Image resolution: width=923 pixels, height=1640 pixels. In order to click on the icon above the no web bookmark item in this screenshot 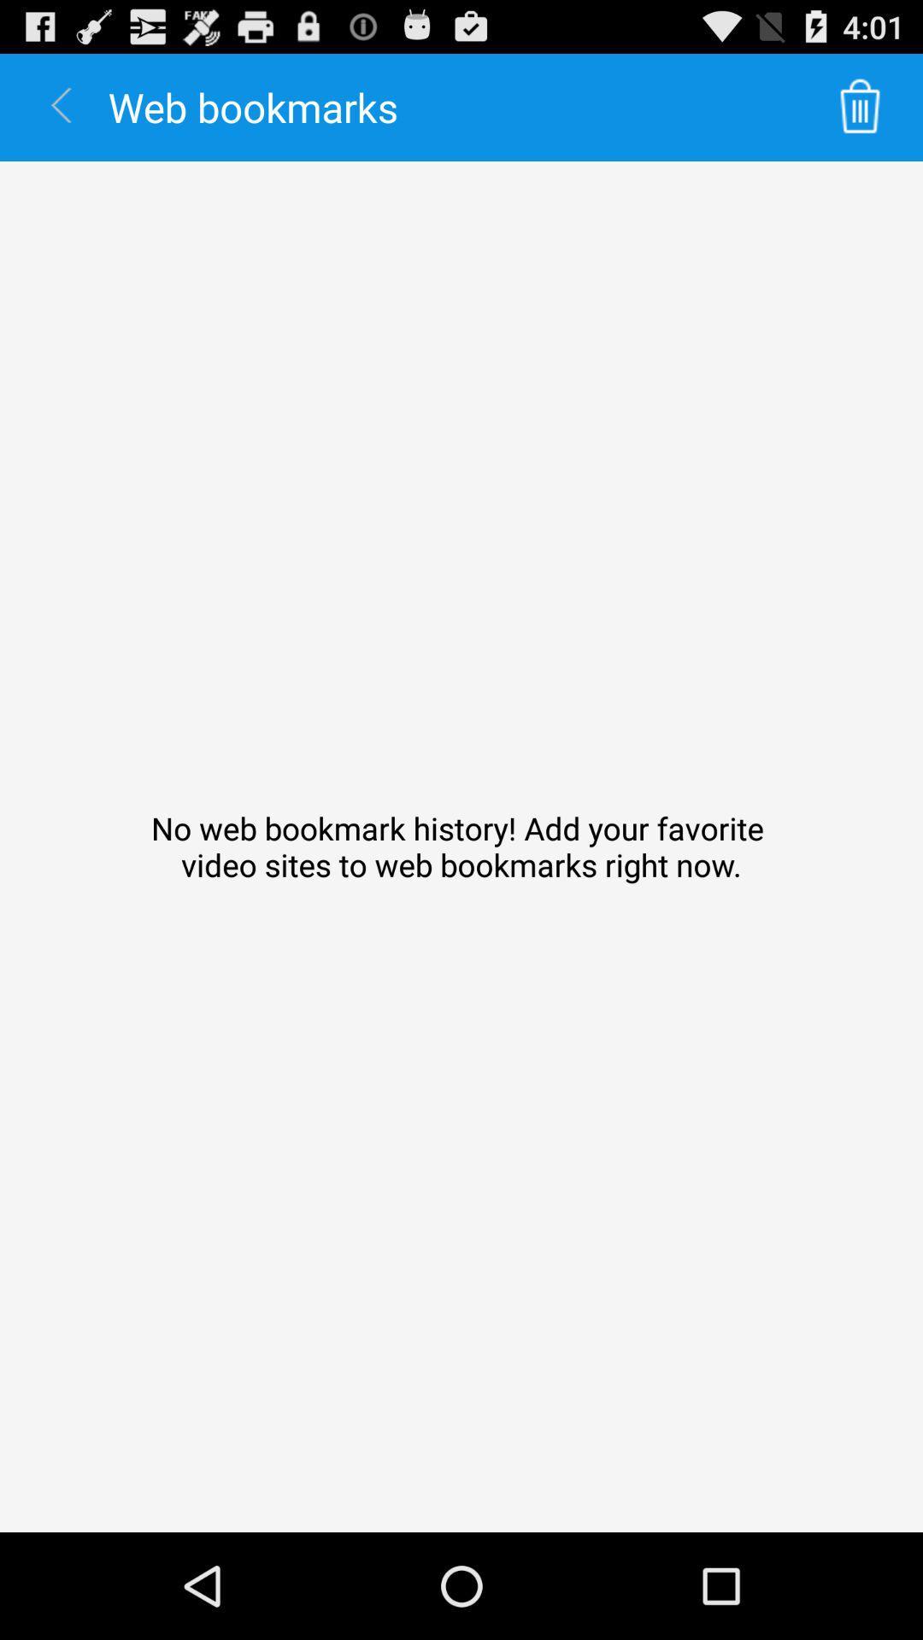, I will do `click(860, 106)`.